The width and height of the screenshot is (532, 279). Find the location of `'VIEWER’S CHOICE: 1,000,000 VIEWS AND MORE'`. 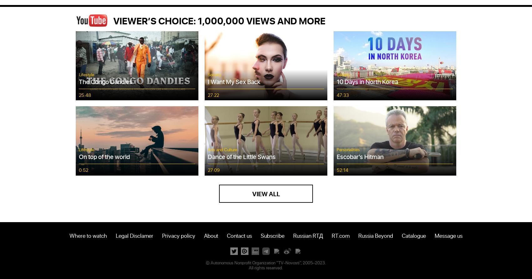

'VIEWER’S CHOICE: 1,000,000 VIEWS AND MORE' is located at coordinates (219, 20).